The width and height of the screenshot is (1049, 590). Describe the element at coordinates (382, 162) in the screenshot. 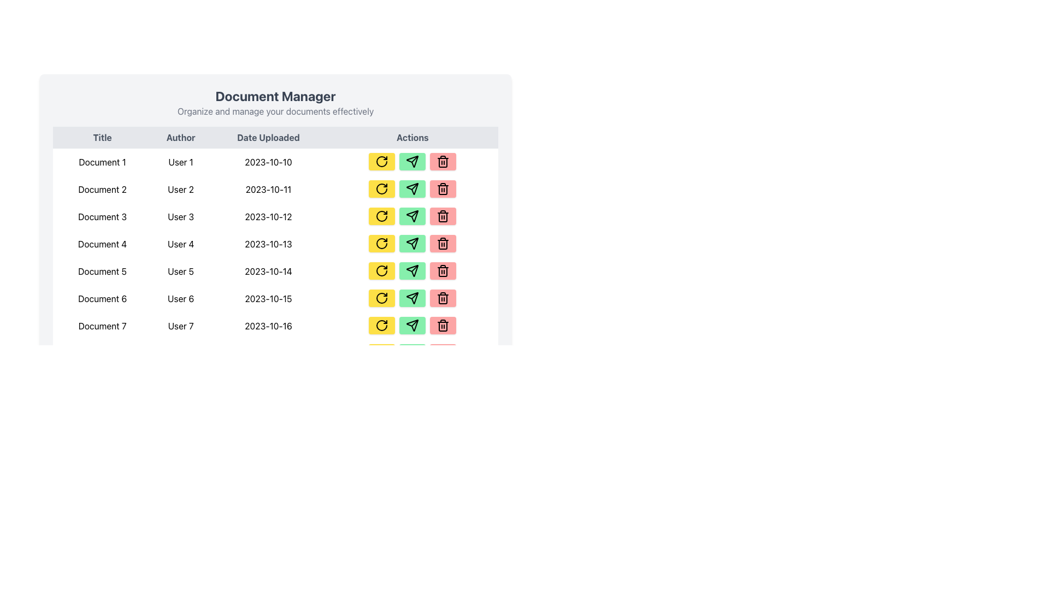

I see `the refresh icon located in the 'Actions' column of the first row in the 'Document Manager' table` at that location.